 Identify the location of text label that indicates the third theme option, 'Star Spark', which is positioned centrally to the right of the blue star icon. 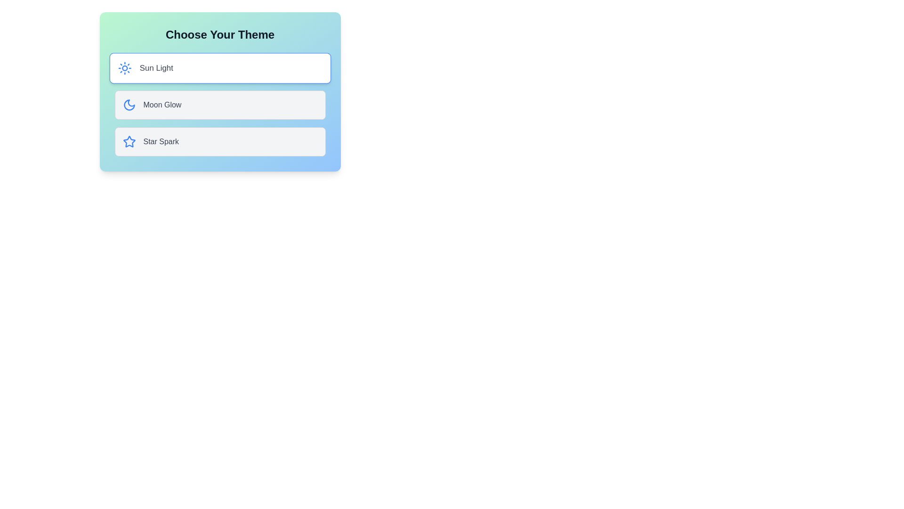
(161, 141).